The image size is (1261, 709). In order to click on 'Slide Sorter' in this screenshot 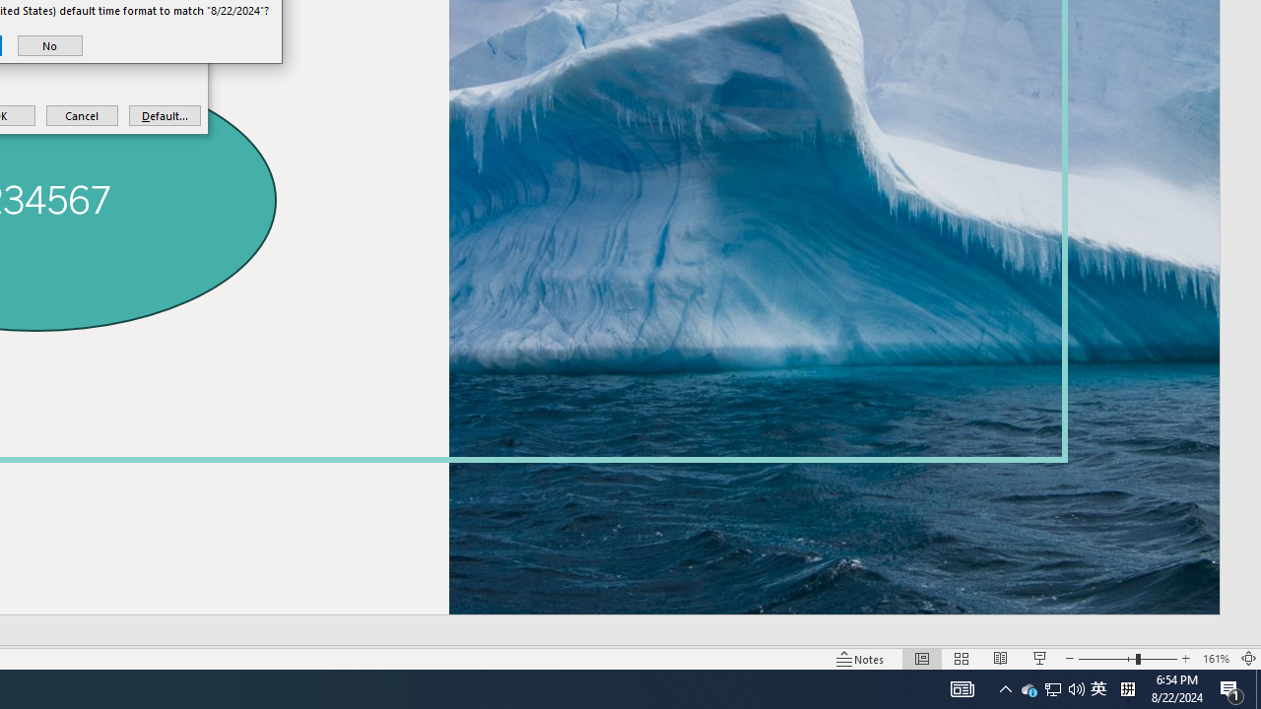, I will do `click(962, 659)`.